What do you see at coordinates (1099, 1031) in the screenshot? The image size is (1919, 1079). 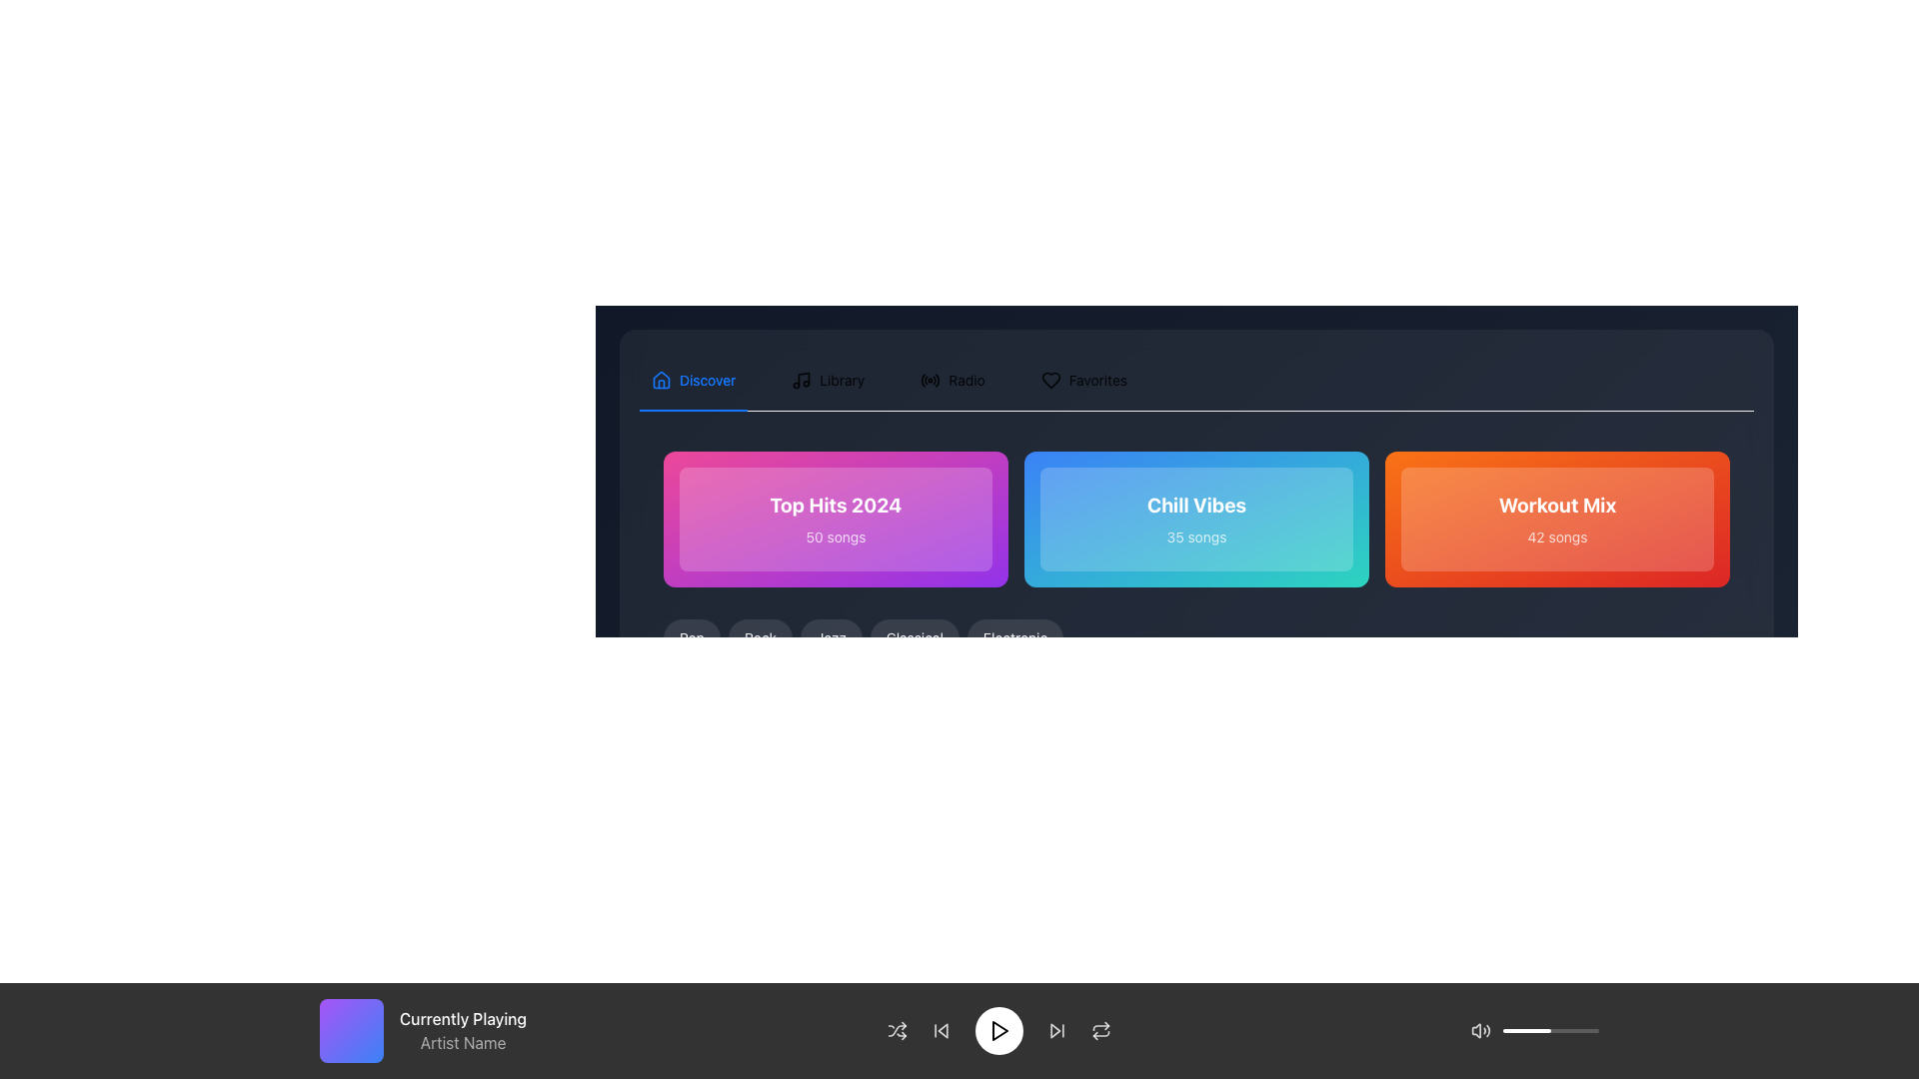 I see `the repeat button located at the bottom-right corner of the interface` at bounding box center [1099, 1031].